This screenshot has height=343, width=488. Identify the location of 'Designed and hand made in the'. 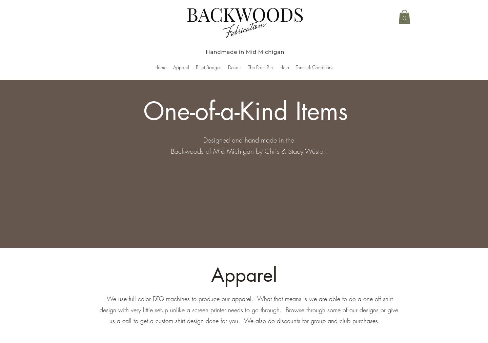
(248, 140).